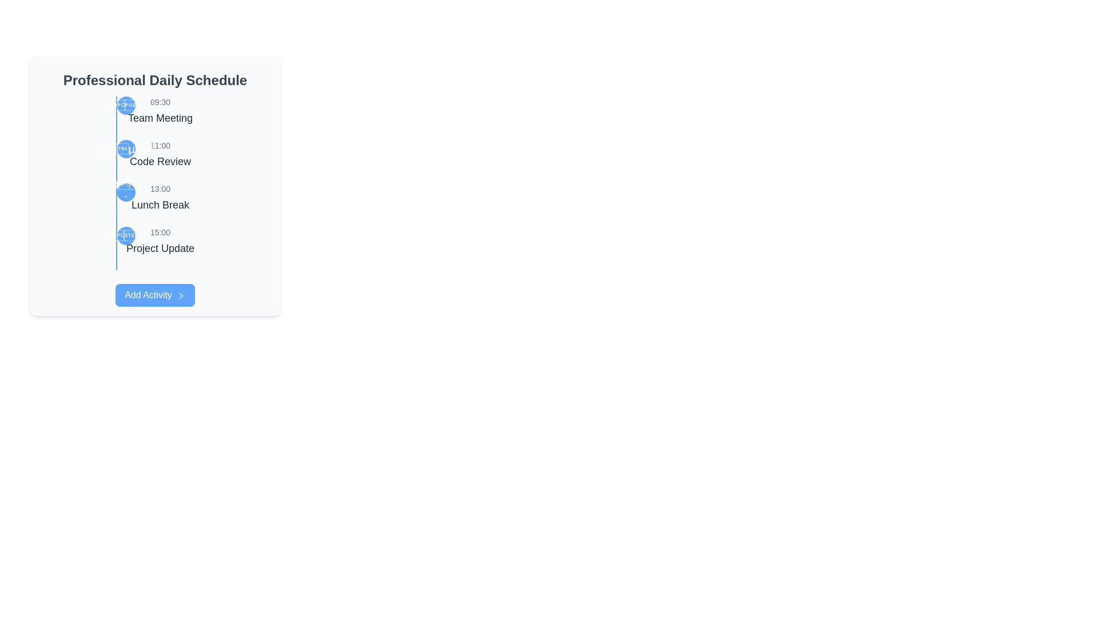  What do you see at coordinates (160, 198) in the screenshot?
I see `the third entry in the 'Professional Daily Schedule' panel, which displays a scheduled event's time and title, positioned between 'Code Review' and 'Project Update'` at bounding box center [160, 198].